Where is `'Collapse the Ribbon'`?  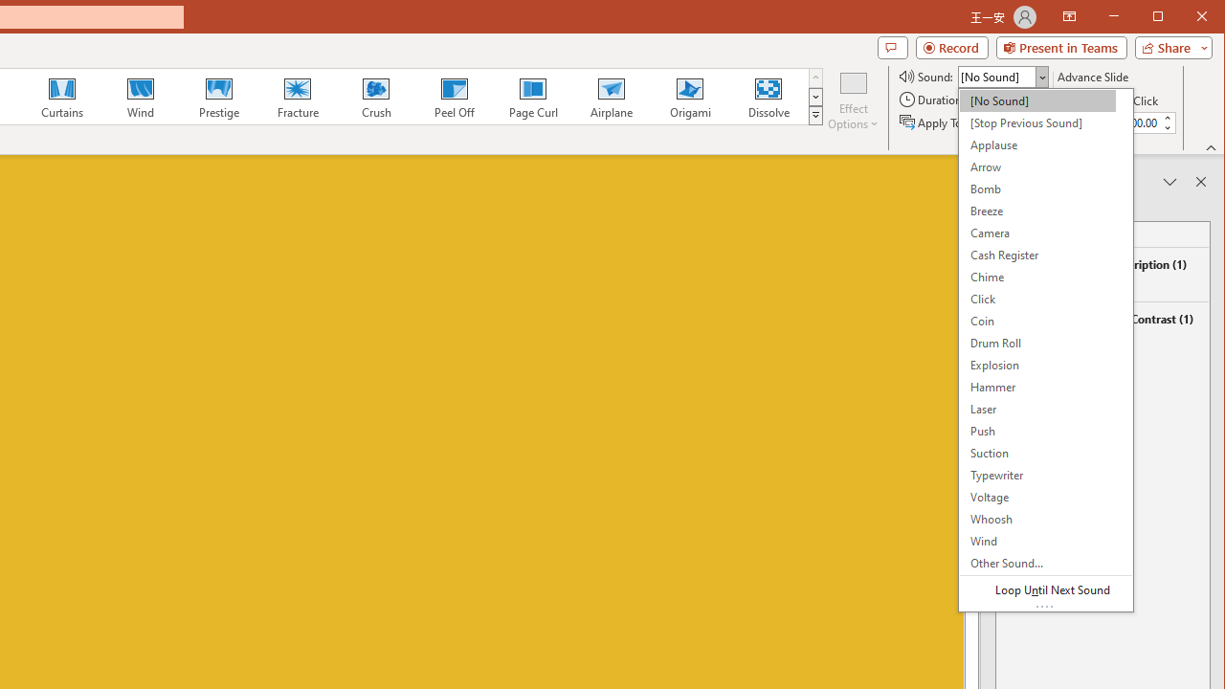 'Collapse the Ribbon' is located at coordinates (1211, 146).